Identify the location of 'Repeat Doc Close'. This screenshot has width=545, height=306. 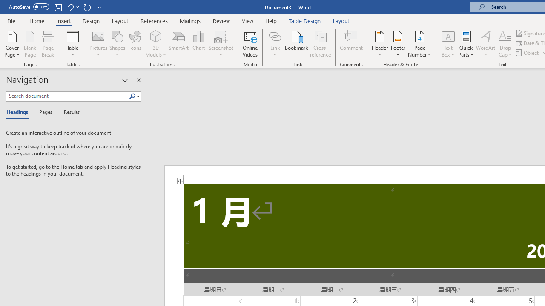
(87, 7).